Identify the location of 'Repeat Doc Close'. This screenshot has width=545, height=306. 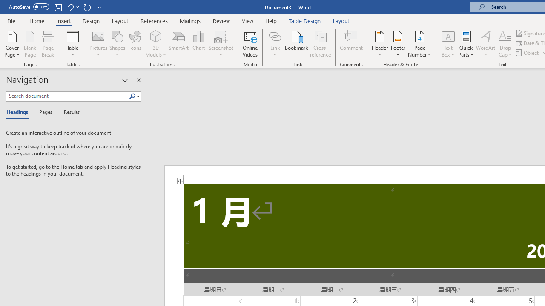
(87, 7).